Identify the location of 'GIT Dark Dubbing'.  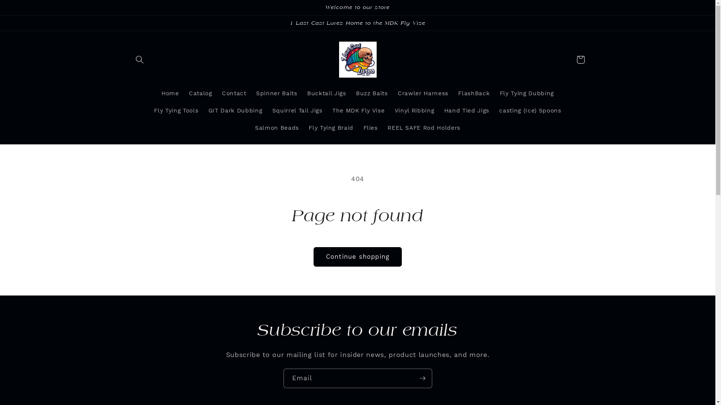
(234, 111).